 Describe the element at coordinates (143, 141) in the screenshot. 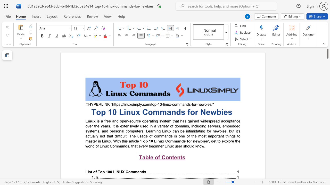

I see `the space between the continuous character "T" and "o" in the text` at that location.